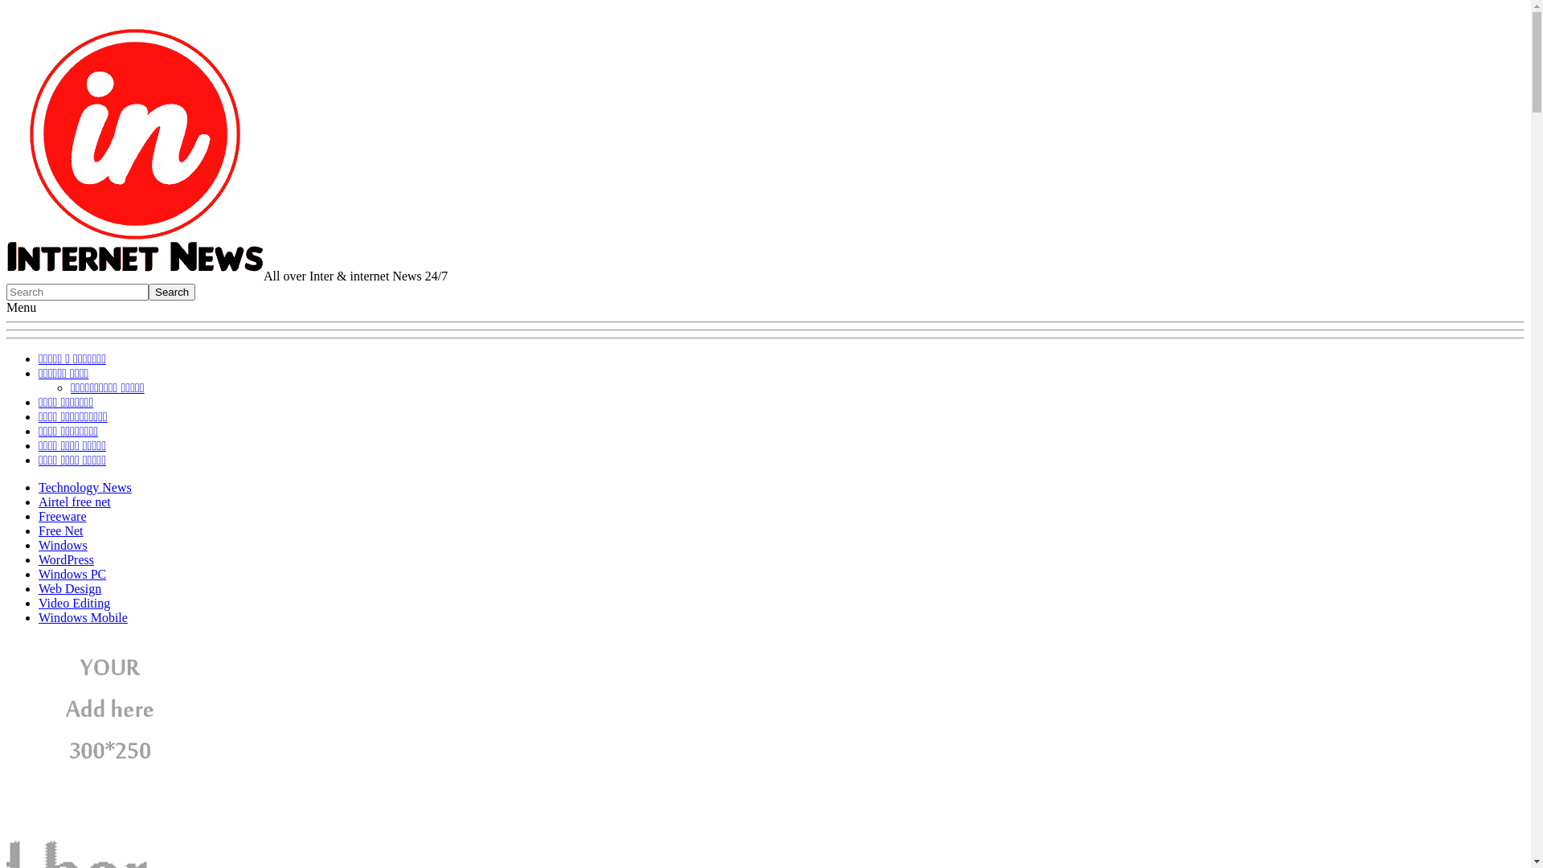 This screenshot has height=868, width=1543. Describe the element at coordinates (65, 559) in the screenshot. I see `'WordPress'` at that location.